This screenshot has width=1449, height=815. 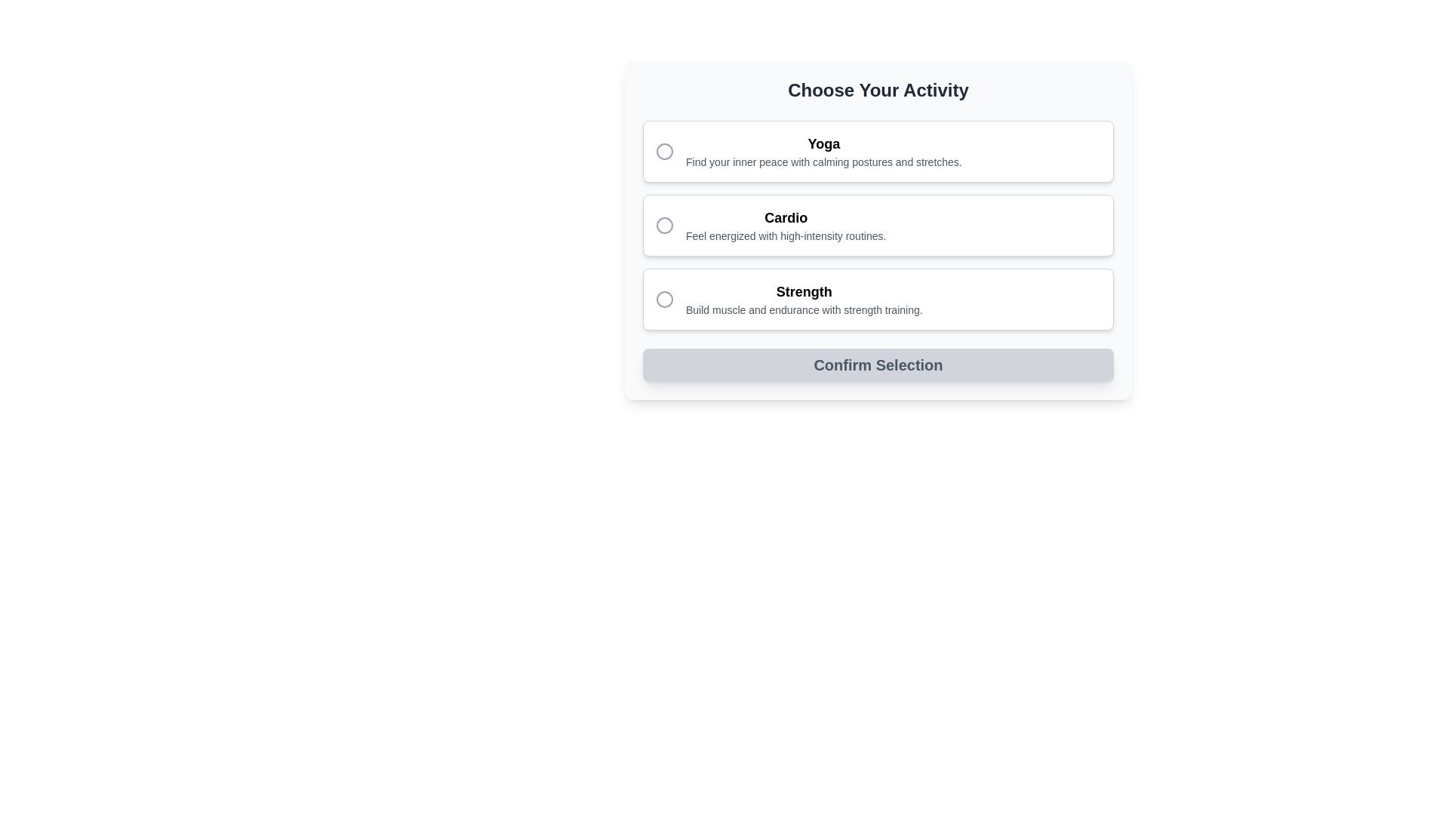 What do you see at coordinates (664, 226) in the screenshot?
I see `the radio button adjacent to the 'Cardio' label` at bounding box center [664, 226].